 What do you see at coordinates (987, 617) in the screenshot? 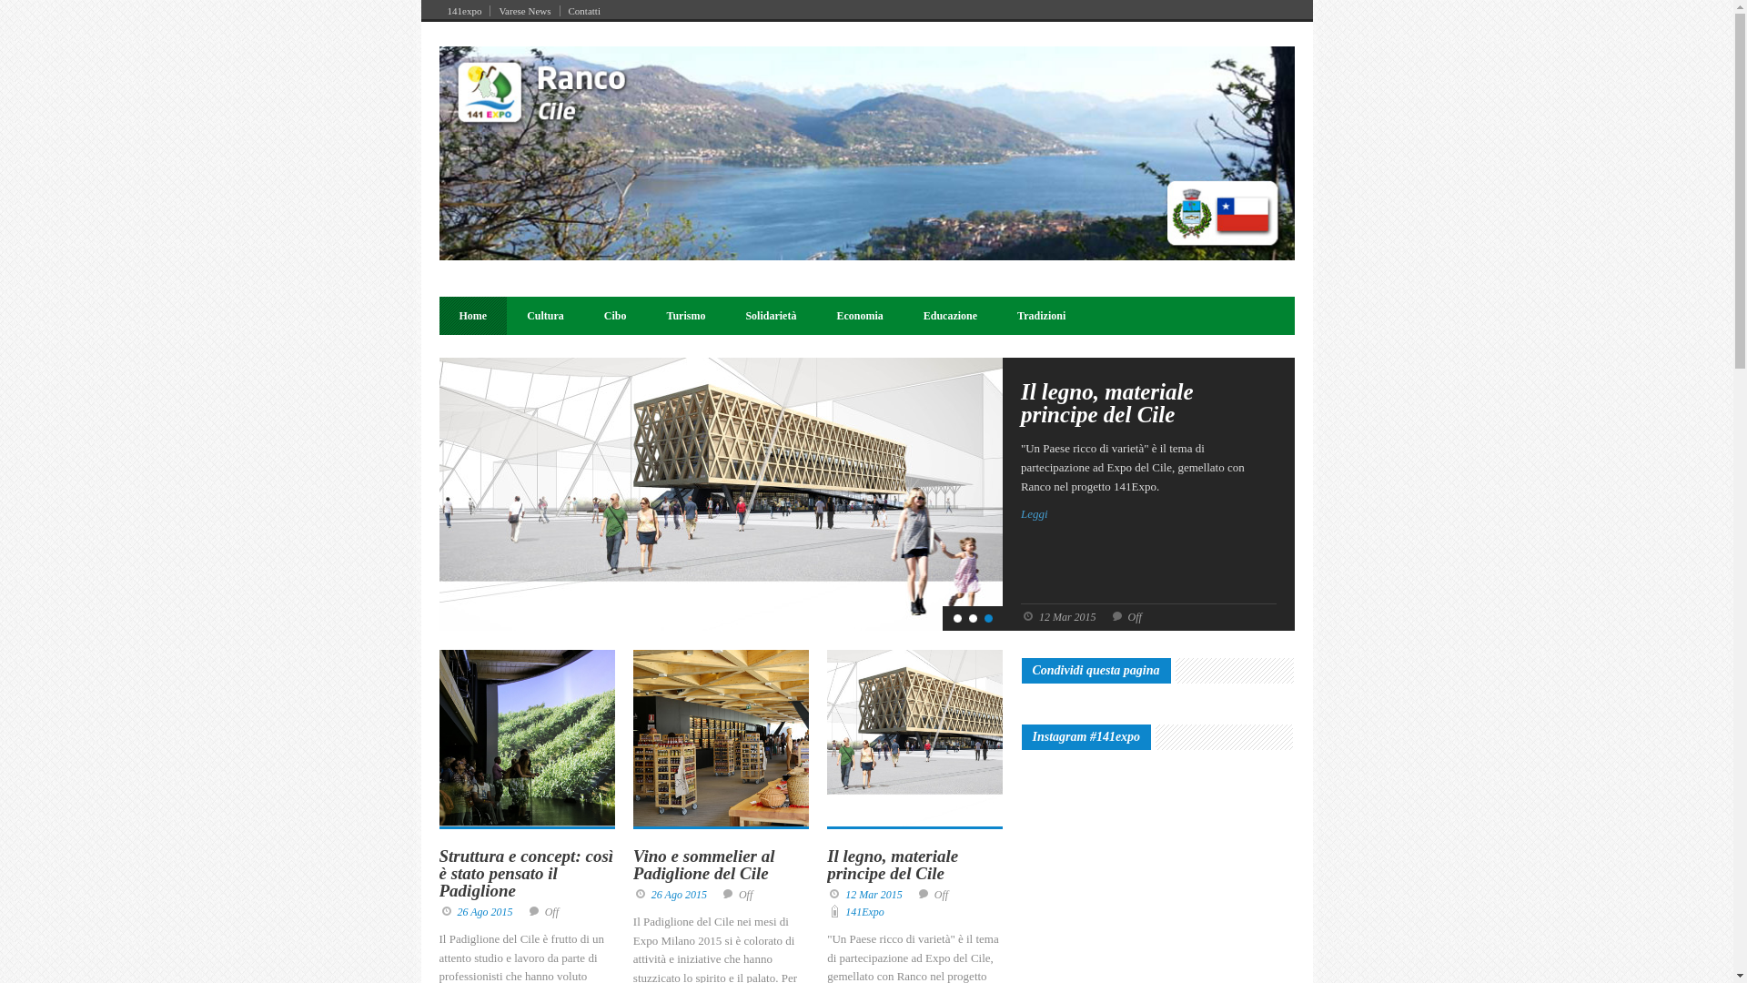
I see `'3'` at bounding box center [987, 617].